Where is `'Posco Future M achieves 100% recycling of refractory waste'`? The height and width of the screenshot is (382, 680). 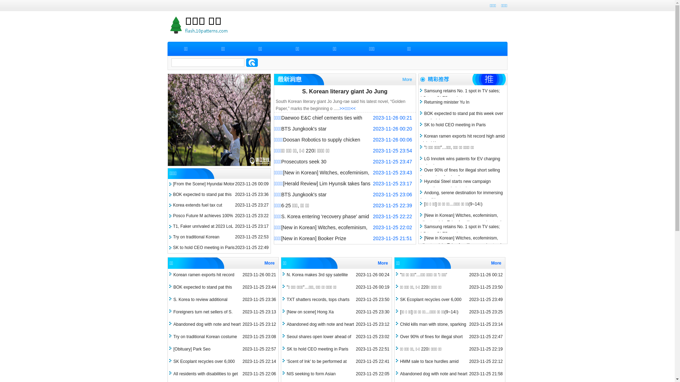
'Posco Future M achieves 100% recycling of refractory waste' is located at coordinates (202, 220).